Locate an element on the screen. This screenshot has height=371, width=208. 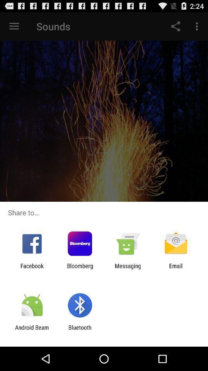
messaging item is located at coordinates (128, 269).